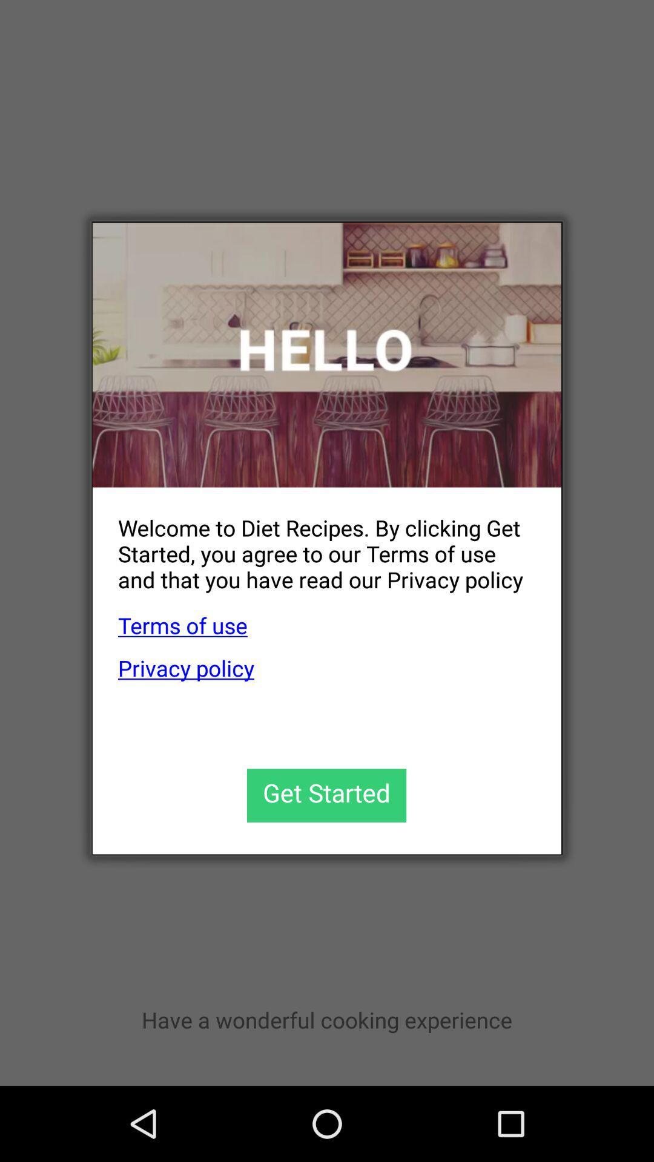 The height and width of the screenshot is (1162, 654). What do you see at coordinates (314, 543) in the screenshot?
I see `icon above terms of use item` at bounding box center [314, 543].